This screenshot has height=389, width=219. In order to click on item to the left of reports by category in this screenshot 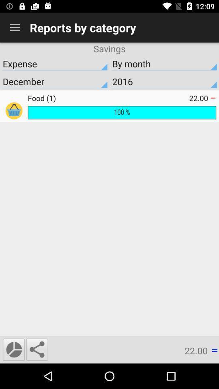, I will do `click(15, 28)`.